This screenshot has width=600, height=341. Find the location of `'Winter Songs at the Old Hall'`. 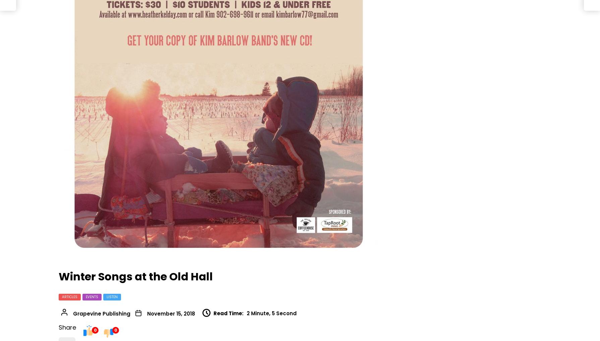

'Winter Songs at the Old Hall' is located at coordinates (136, 276).